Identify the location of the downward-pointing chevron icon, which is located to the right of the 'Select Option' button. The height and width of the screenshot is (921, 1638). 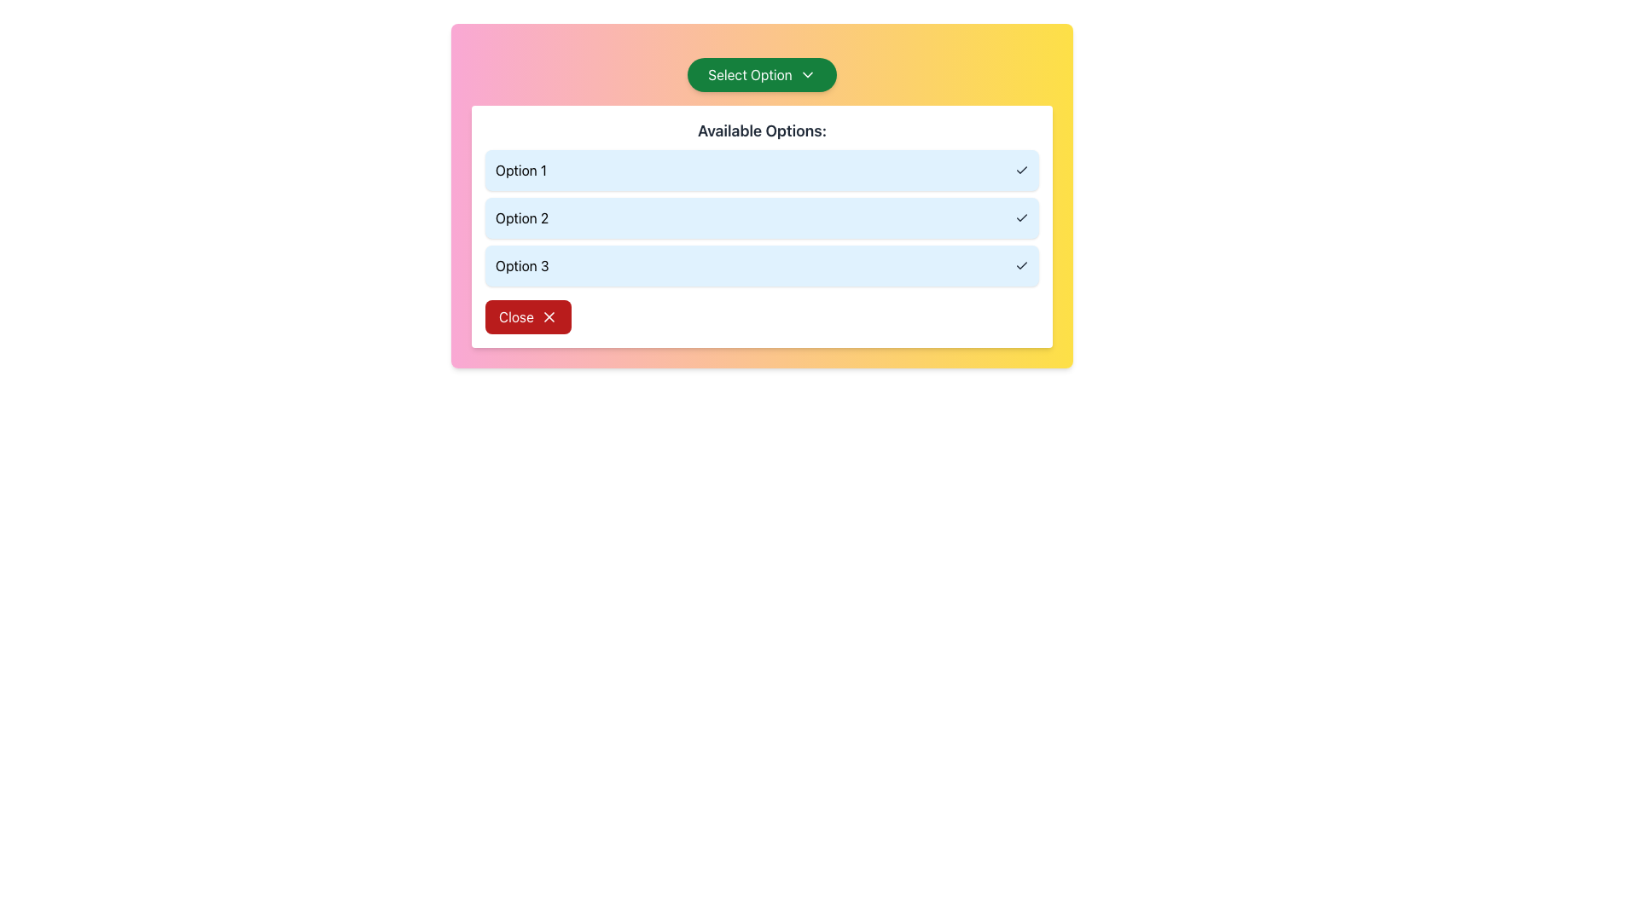
(806, 74).